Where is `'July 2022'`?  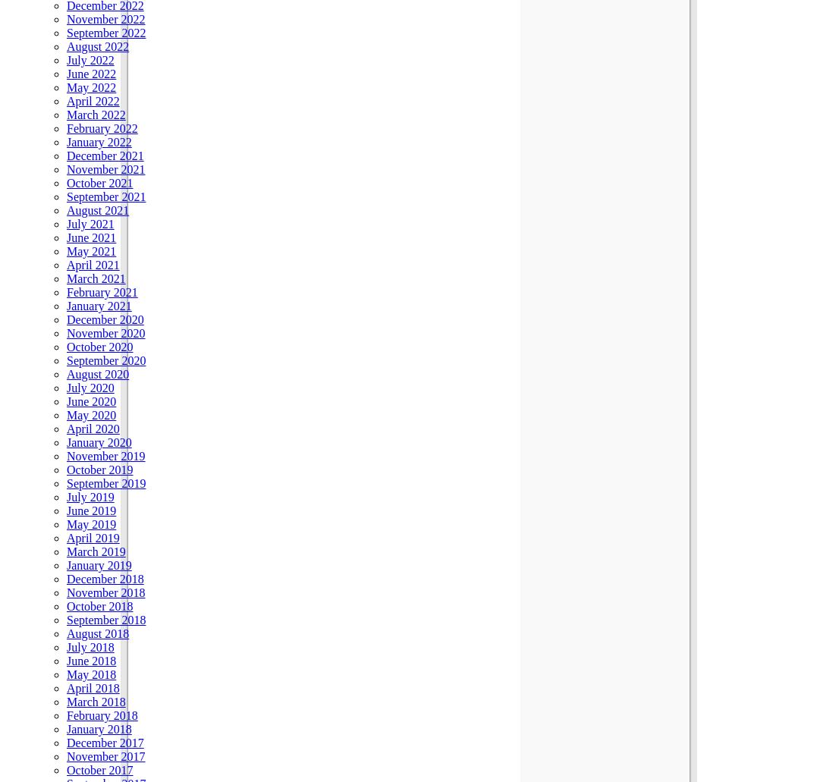 'July 2022' is located at coordinates (90, 59).